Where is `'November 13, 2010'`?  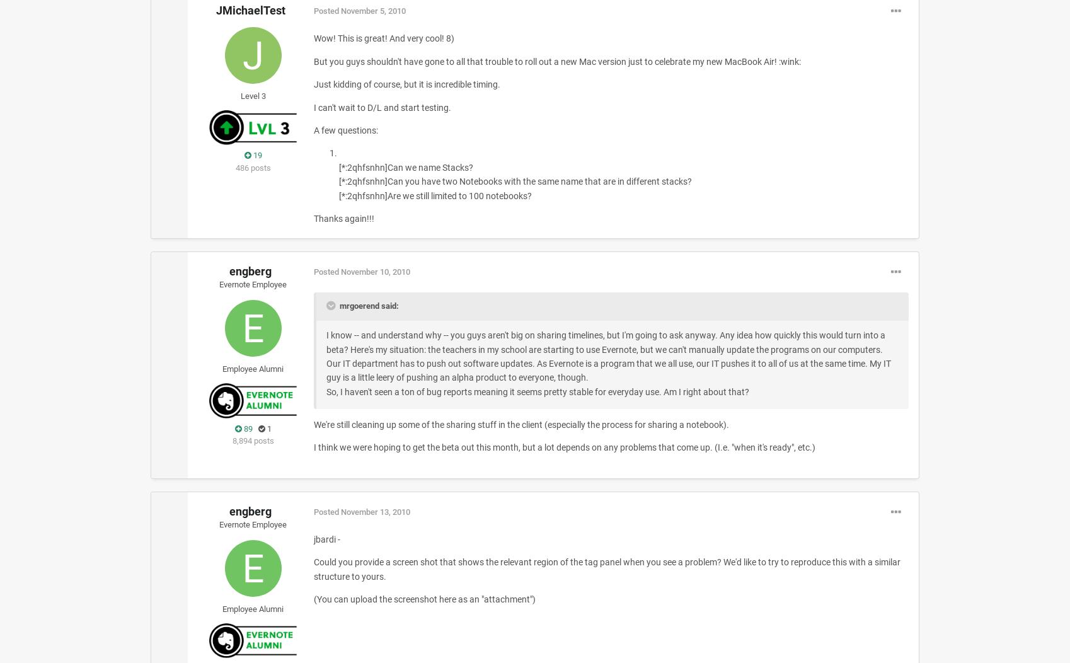 'November 13, 2010' is located at coordinates (374, 512).